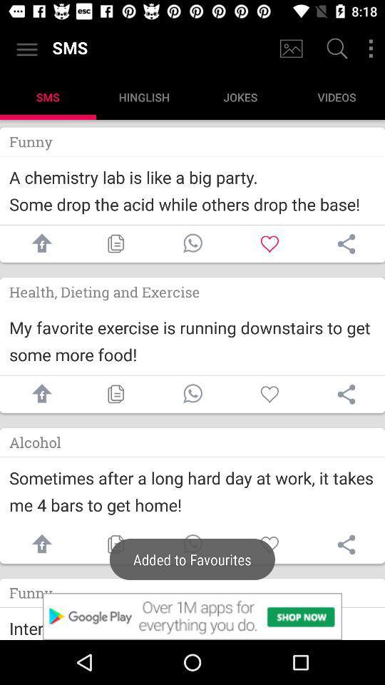 The height and width of the screenshot is (685, 385). I want to click on facebook, so click(38, 544).